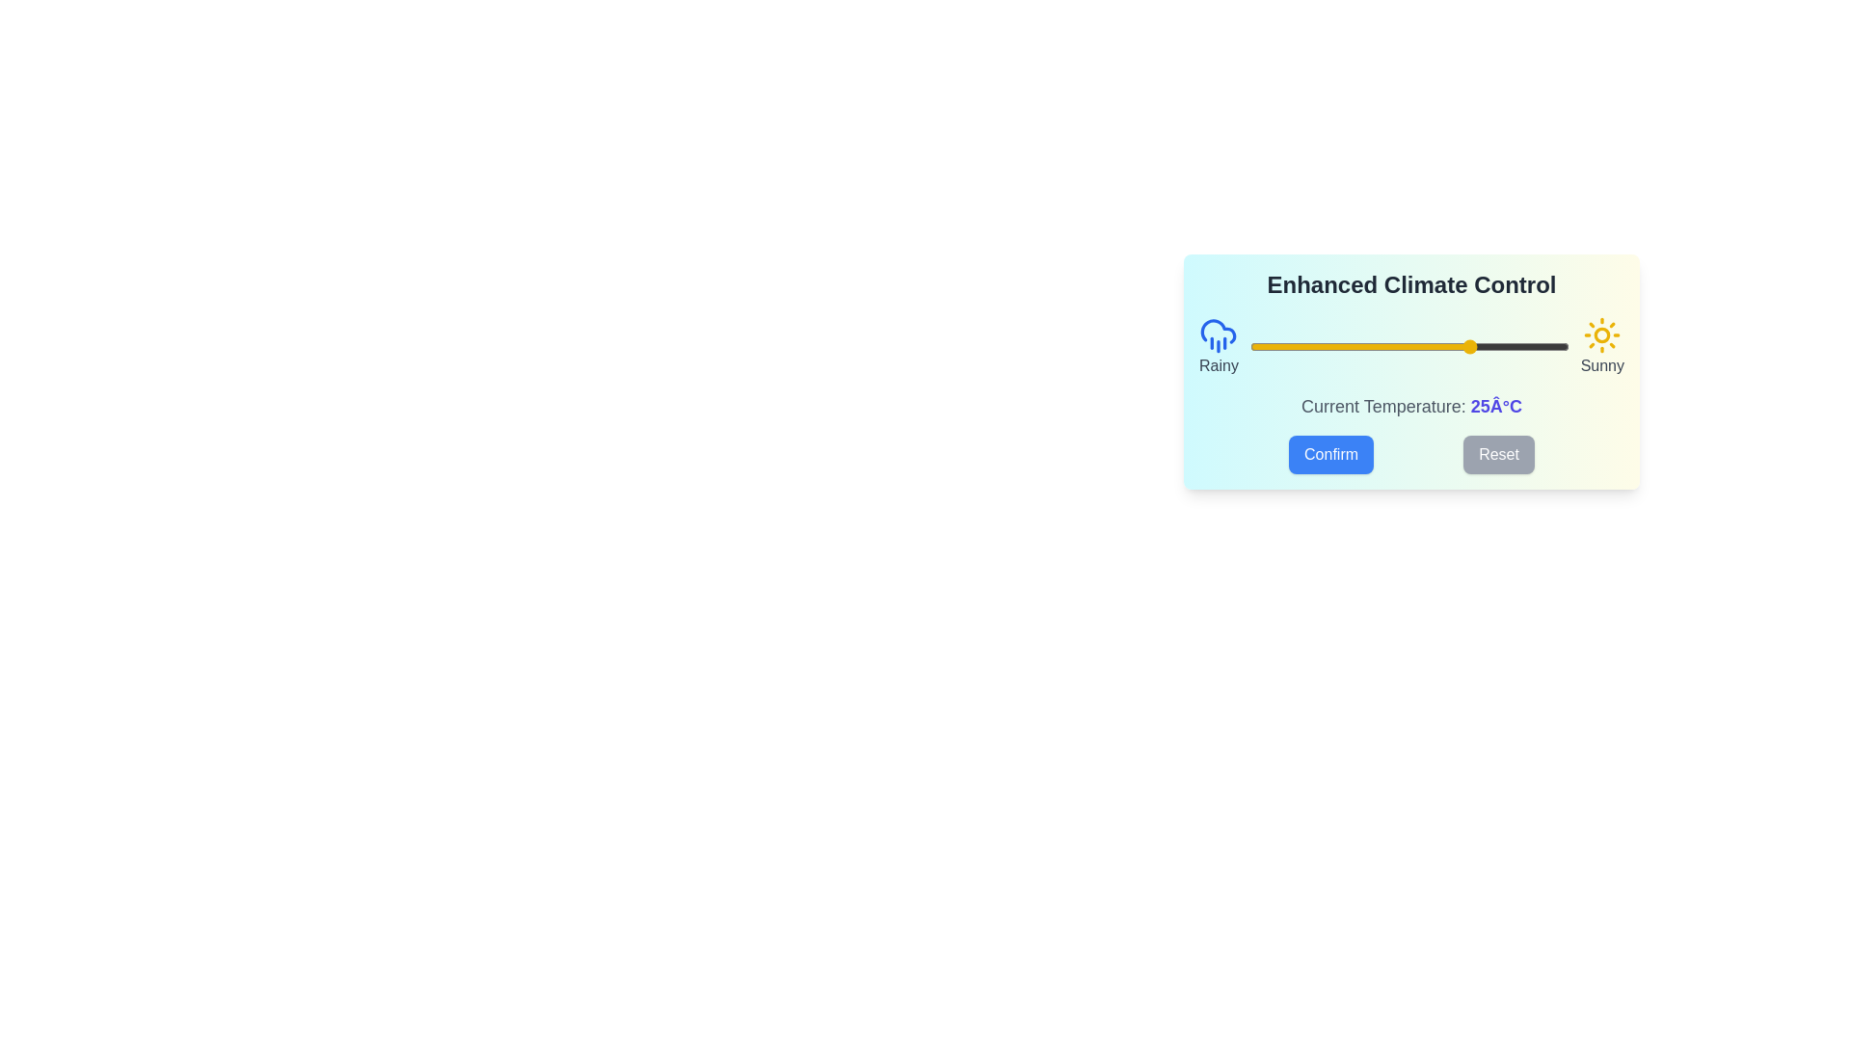  I want to click on the 'Confirm' button to save the current temperature setting, so click(1330, 454).